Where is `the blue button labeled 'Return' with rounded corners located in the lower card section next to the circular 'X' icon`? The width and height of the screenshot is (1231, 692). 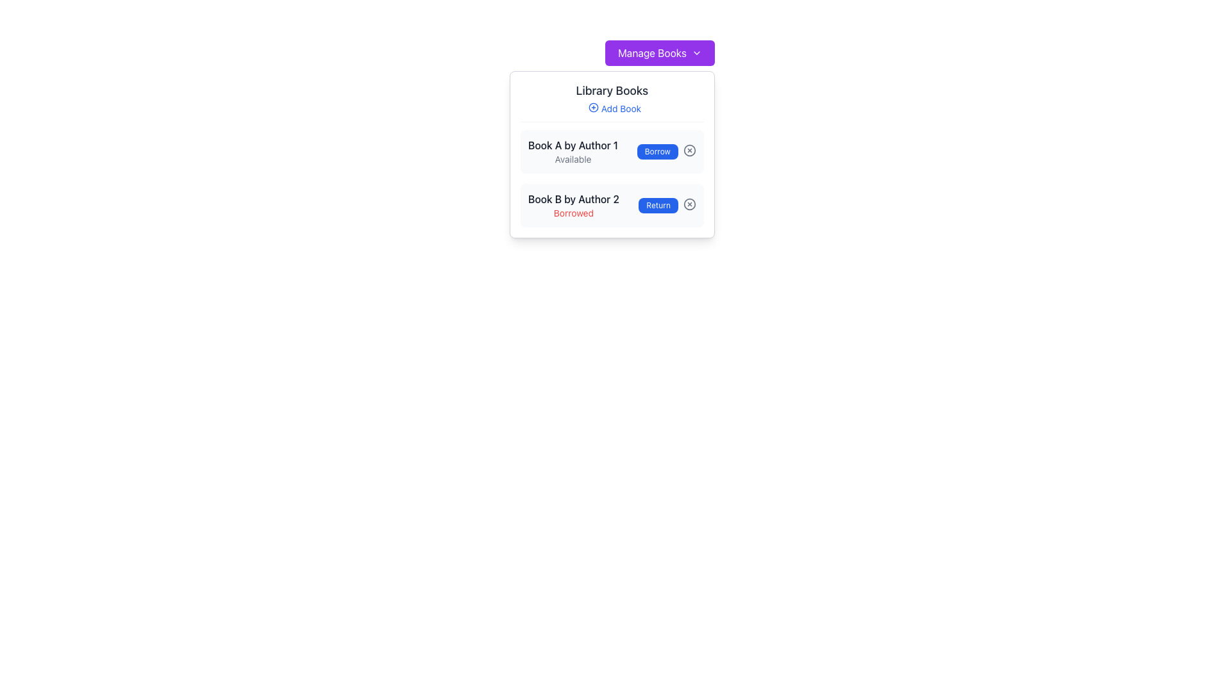 the blue button labeled 'Return' with rounded corners located in the lower card section next to the circular 'X' icon is located at coordinates (667, 204).